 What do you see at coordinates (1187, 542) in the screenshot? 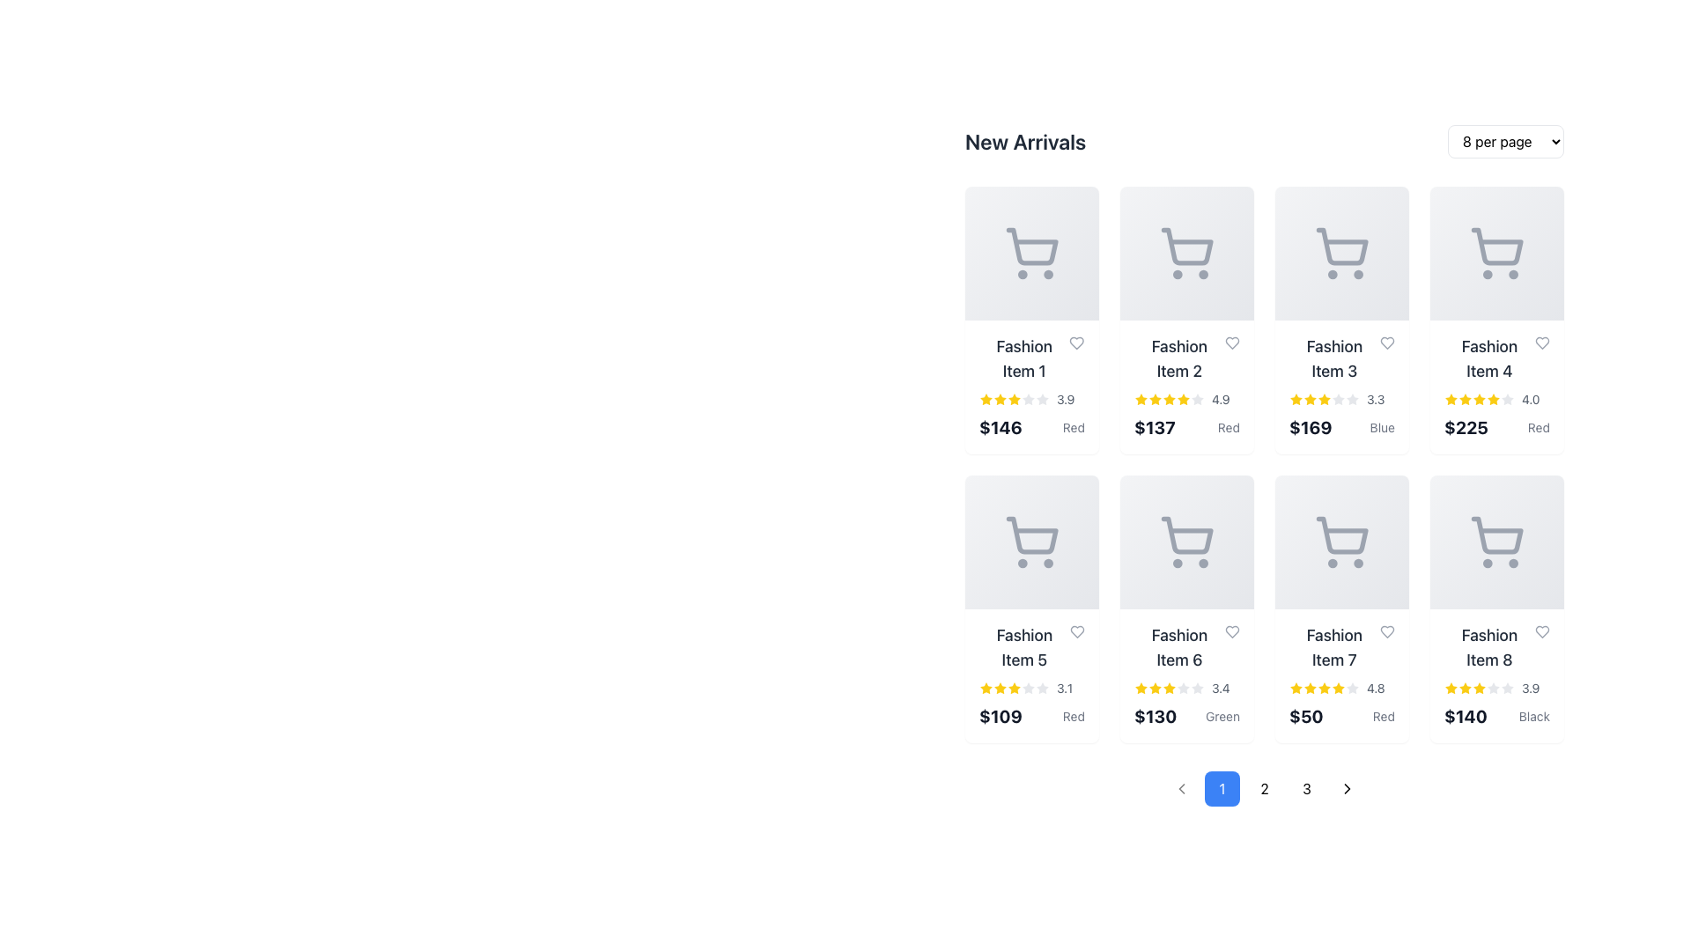
I see `gray square with rounded corners featuring a shopping cart icon, positioned above the text 'Fashion Item 6'` at bounding box center [1187, 542].